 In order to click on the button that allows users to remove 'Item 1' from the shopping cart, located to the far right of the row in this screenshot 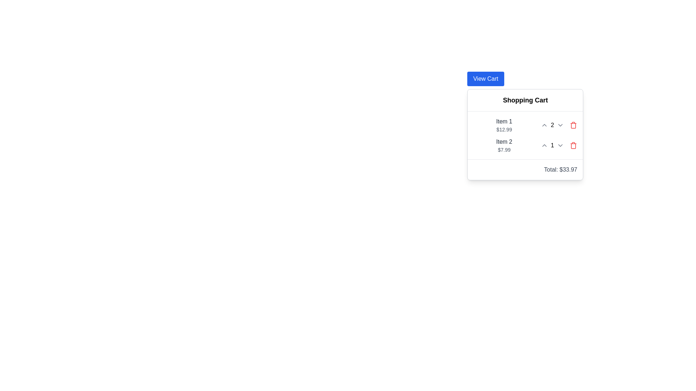, I will do `click(573, 125)`.